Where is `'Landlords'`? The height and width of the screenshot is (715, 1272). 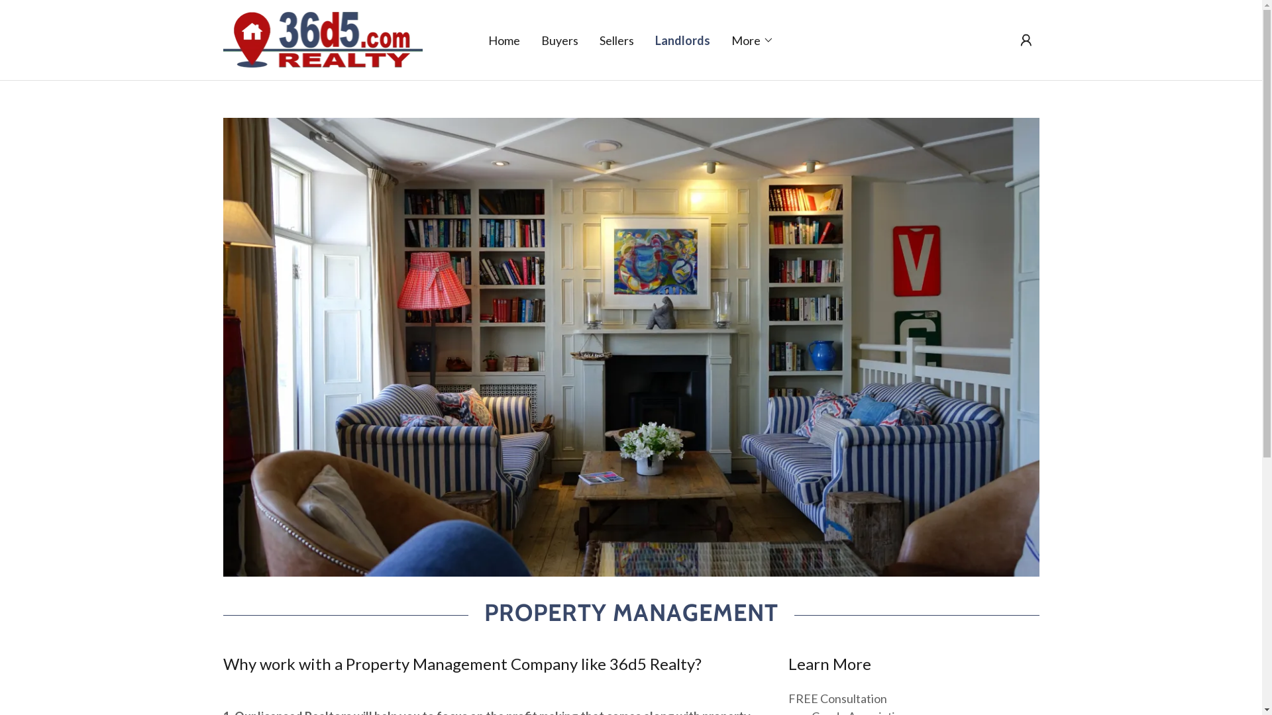
'Landlords' is located at coordinates (682, 39).